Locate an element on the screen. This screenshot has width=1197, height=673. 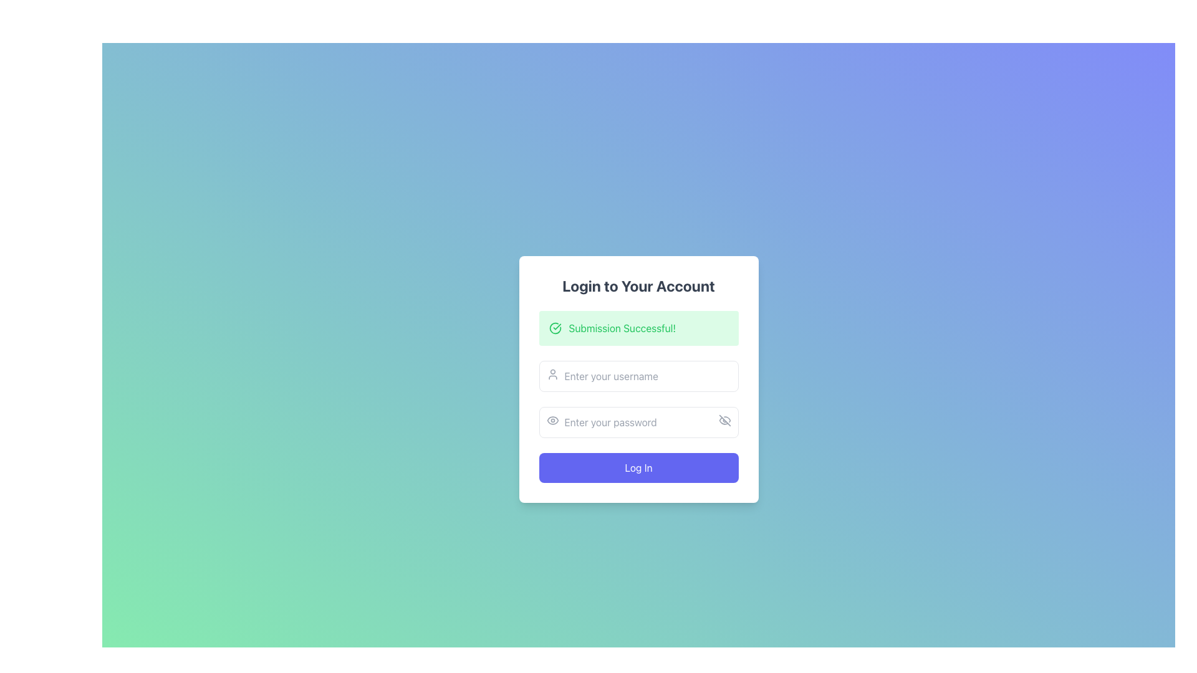
check-circle icon element located in the top-left corner of the green notification banner with the text 'Submission Successful!' by opening the developer tools is located at coordinates (554, 328).